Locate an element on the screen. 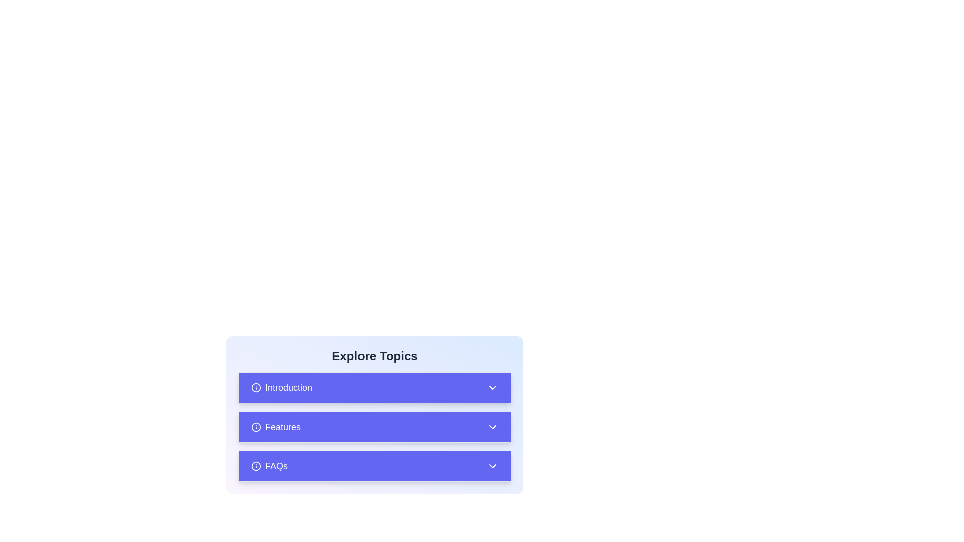  the graphical icon or decorative circle located in the 'Features' section of the 'Explore Topics' interface is located at coordinates (256, 427).